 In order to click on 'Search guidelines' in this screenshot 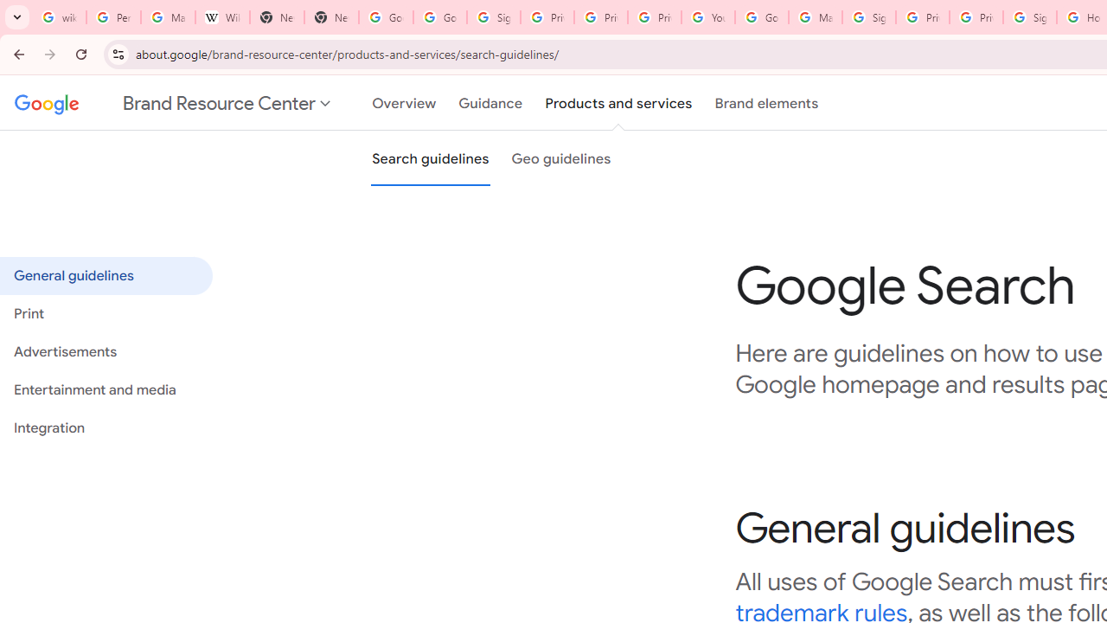, I will do `click(430, 158)`.